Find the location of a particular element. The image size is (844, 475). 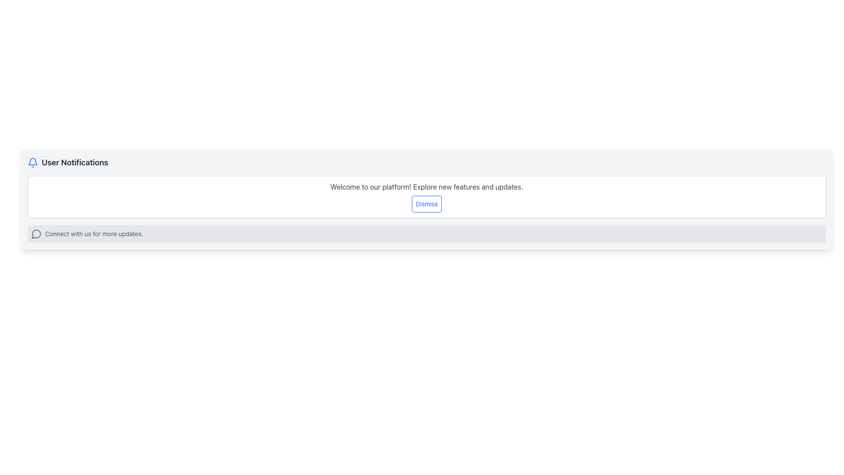

the middle part of the notification bell icon, which is a curved outline forming its upper shape, located in the 'User Notifications' section is located at coordinates (33, 161).